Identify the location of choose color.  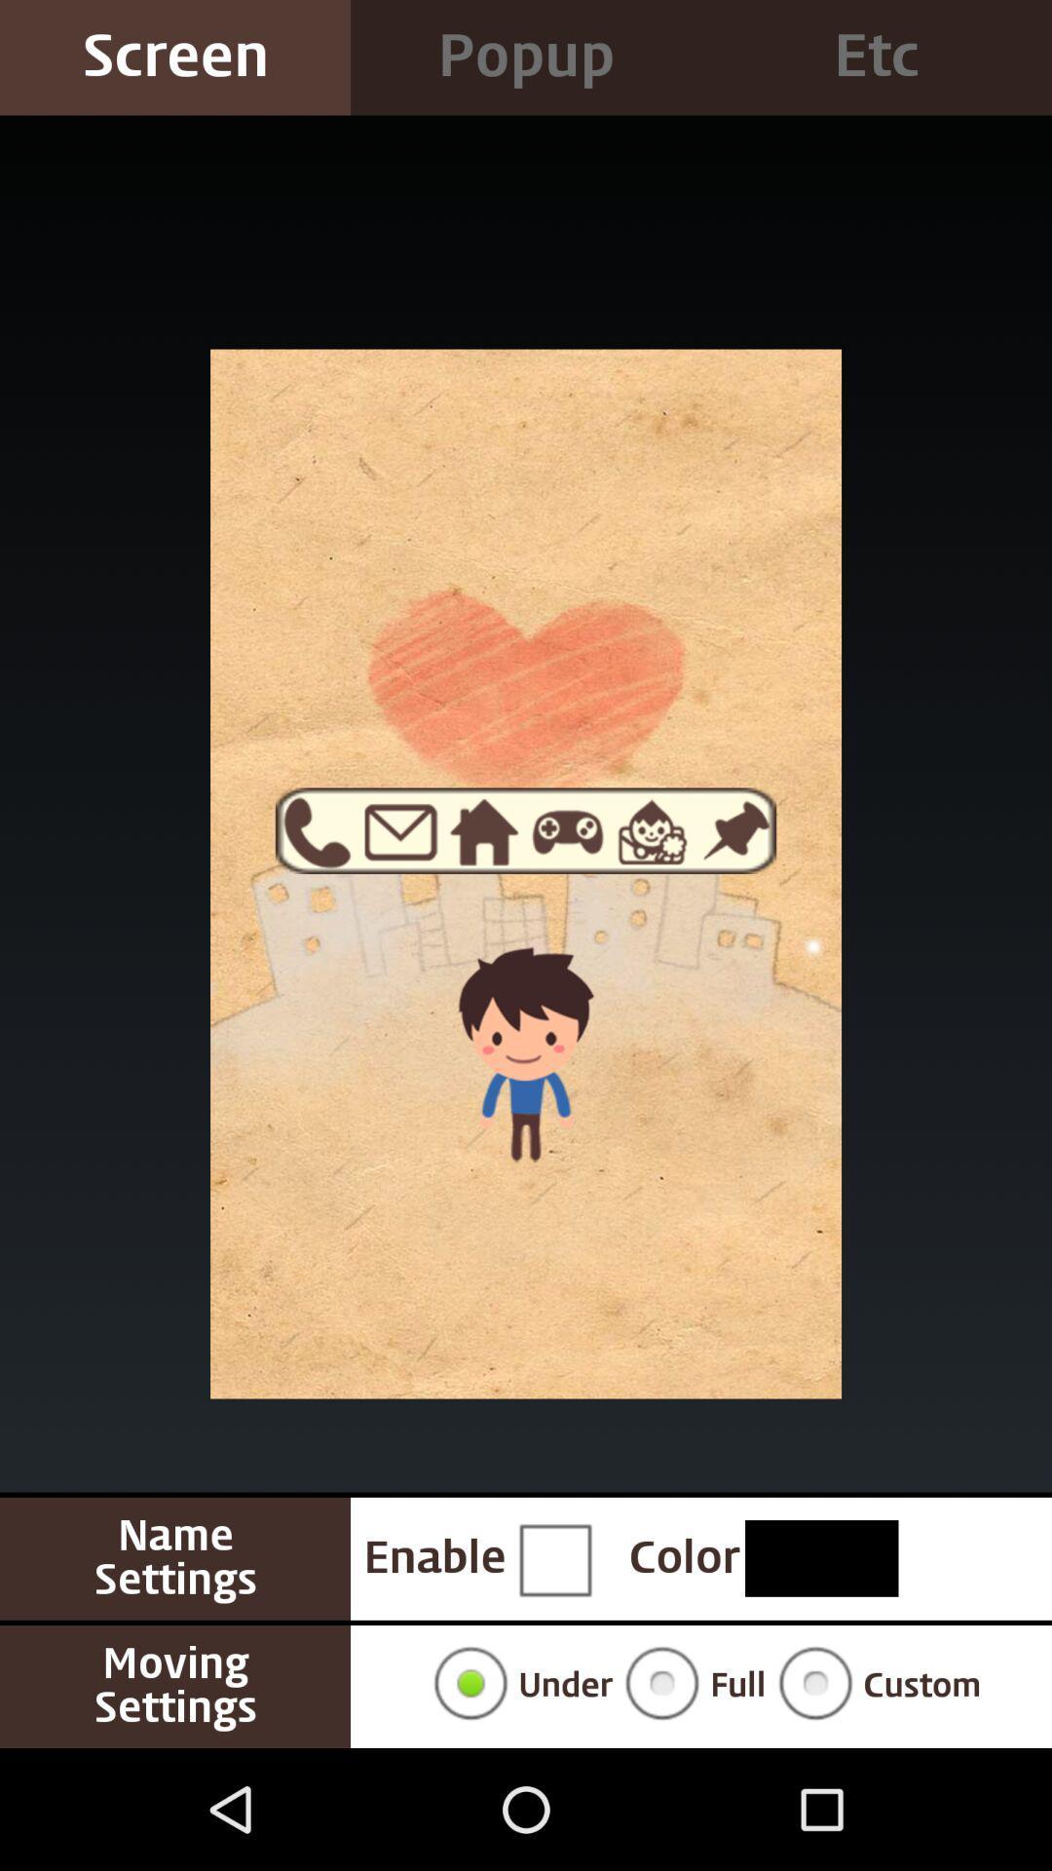
(821, 1557).